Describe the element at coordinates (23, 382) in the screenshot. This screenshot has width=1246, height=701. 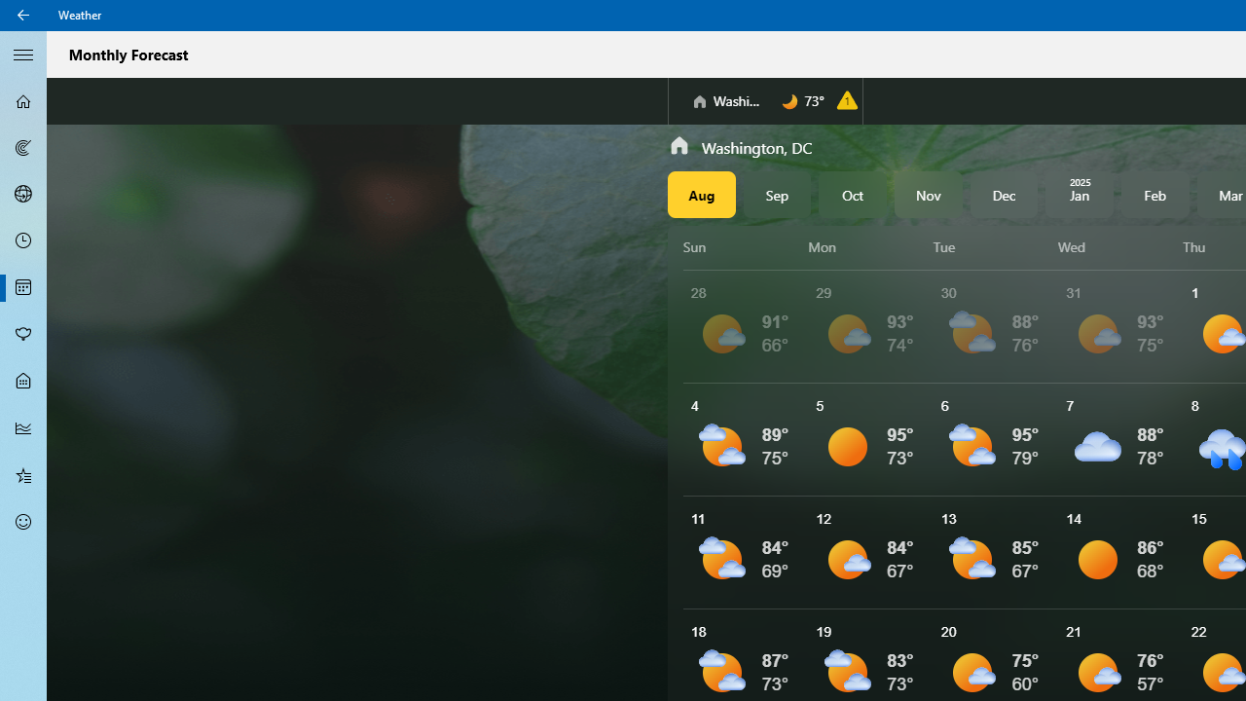
I see `'Life - Not Selected'` at that location.